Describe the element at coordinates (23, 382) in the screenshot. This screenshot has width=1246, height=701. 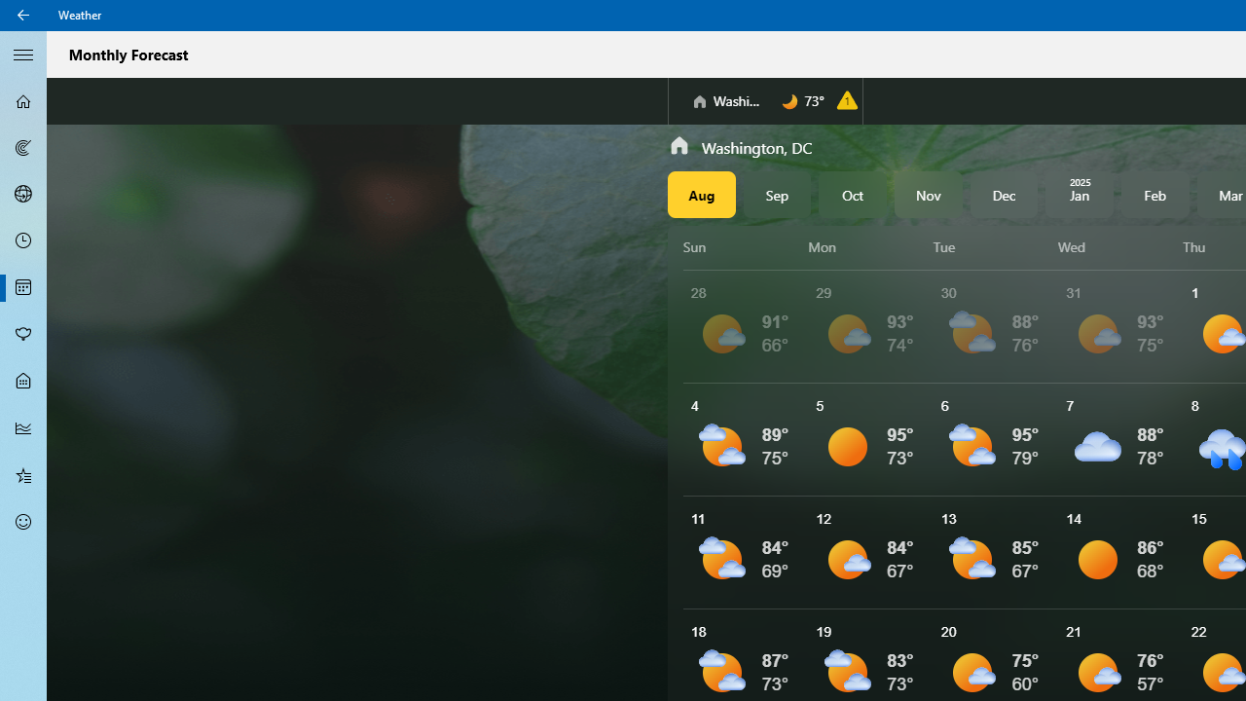
I see `'Life - Not Selected'` at that location.